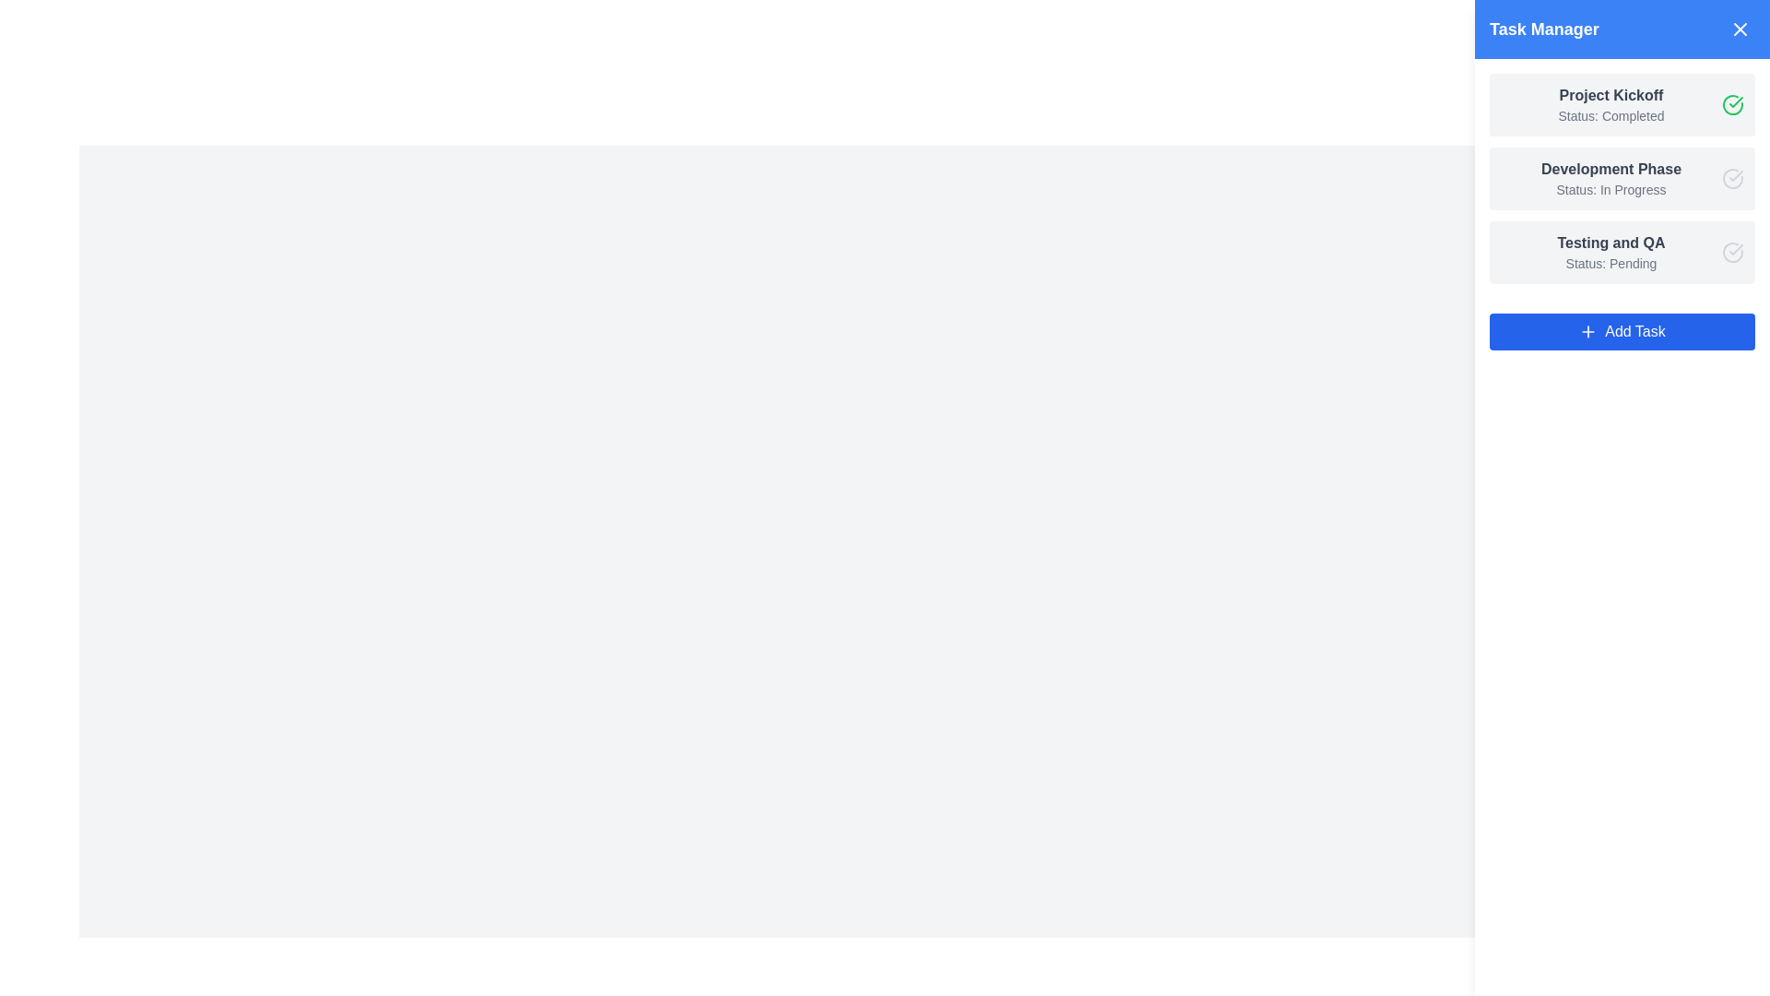 This screenshot has width=1770, height=996. Describe the element at coordinates (1732, 178) in the screenshot. I see `the status indicator icon for the 'Development Phase' task located at the far-right side of the task row` at that location.